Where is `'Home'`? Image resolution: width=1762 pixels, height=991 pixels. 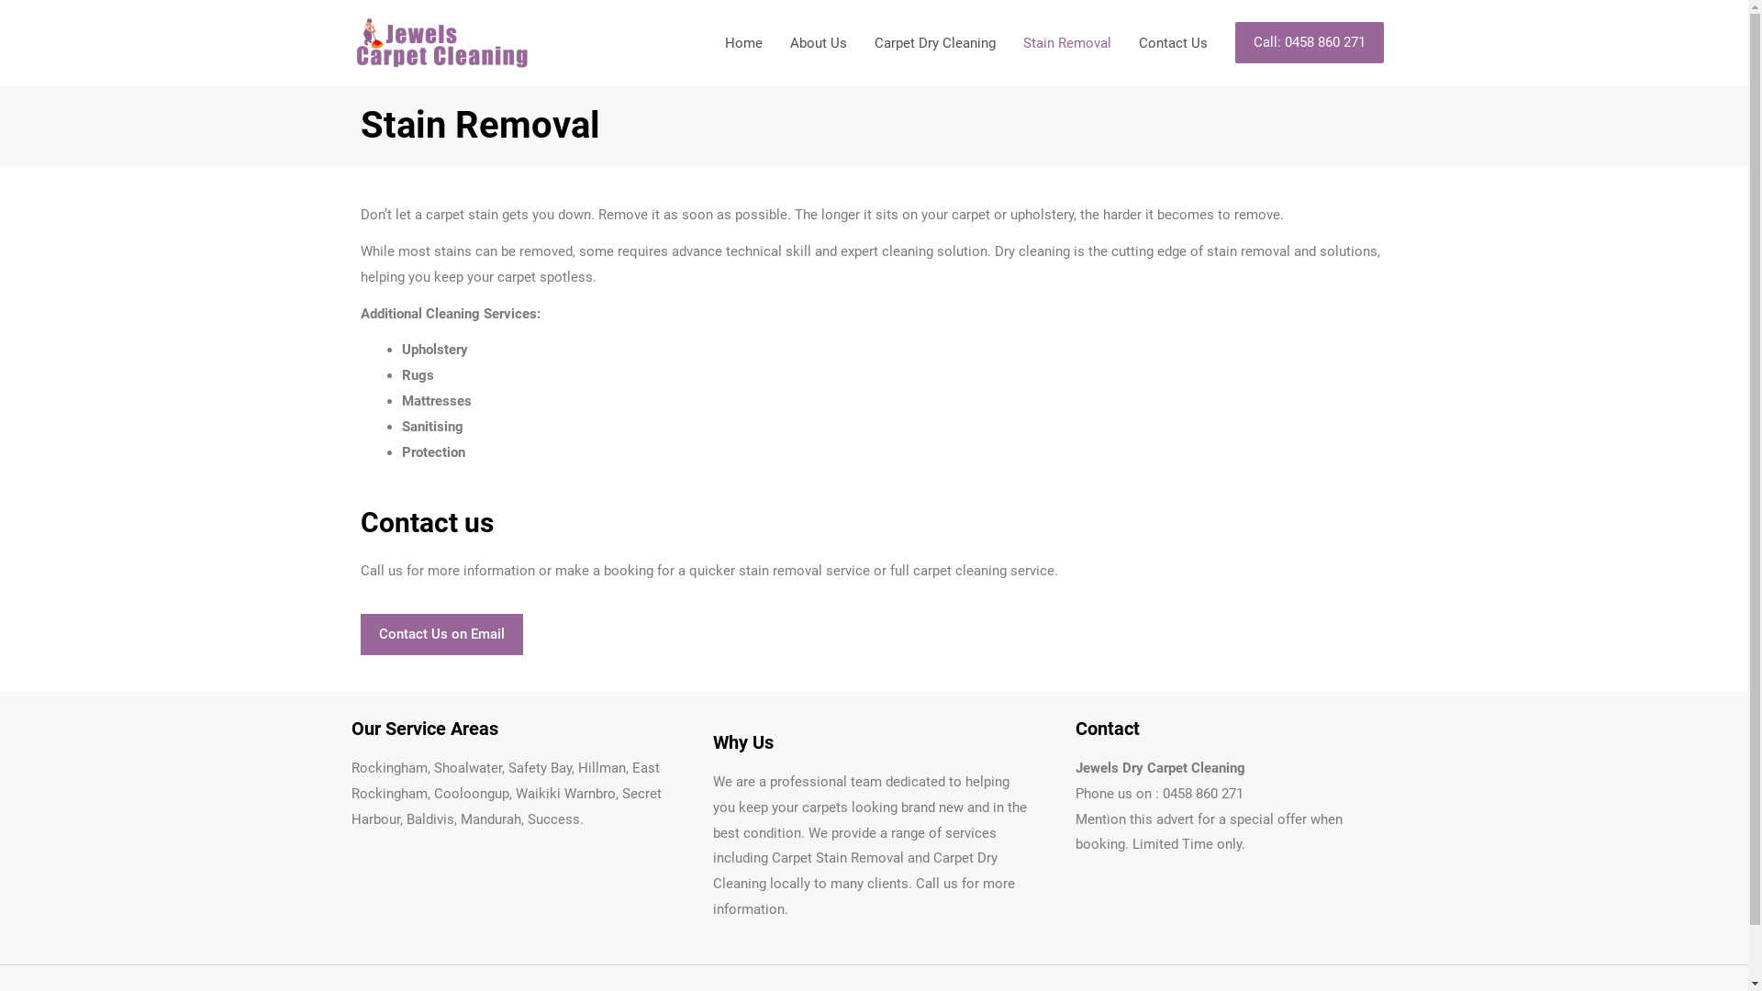
'Home' is located at coordinates (708, 41).